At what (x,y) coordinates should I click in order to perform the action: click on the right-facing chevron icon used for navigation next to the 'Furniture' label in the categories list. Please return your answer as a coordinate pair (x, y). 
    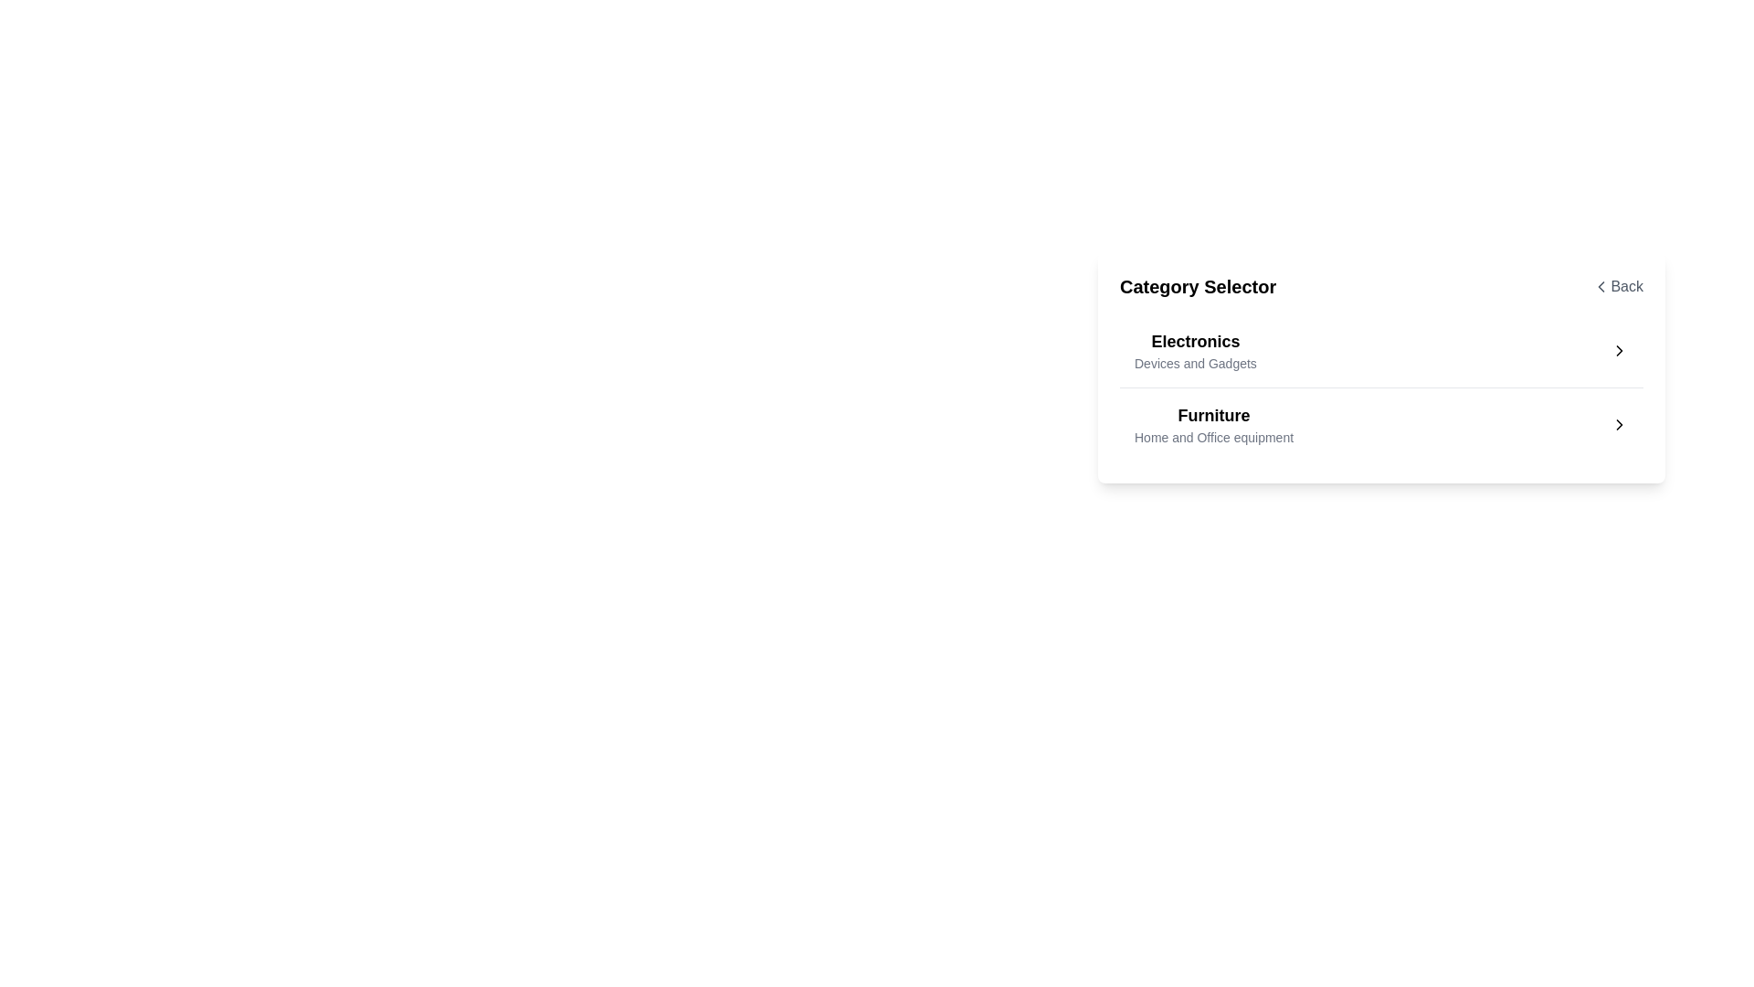
    Looking at the image, I should click on (1619, 425).